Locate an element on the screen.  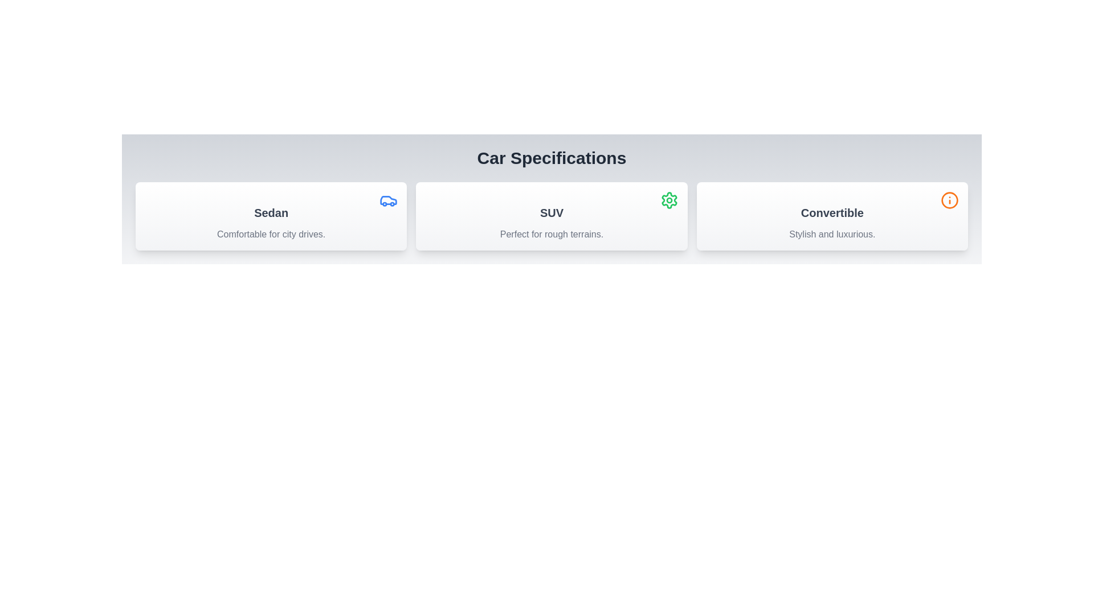
the Informational Card labeled 'Sedan', which features a bold header and an icon of a car in the top-right corner is located at coordinates (271, 216).